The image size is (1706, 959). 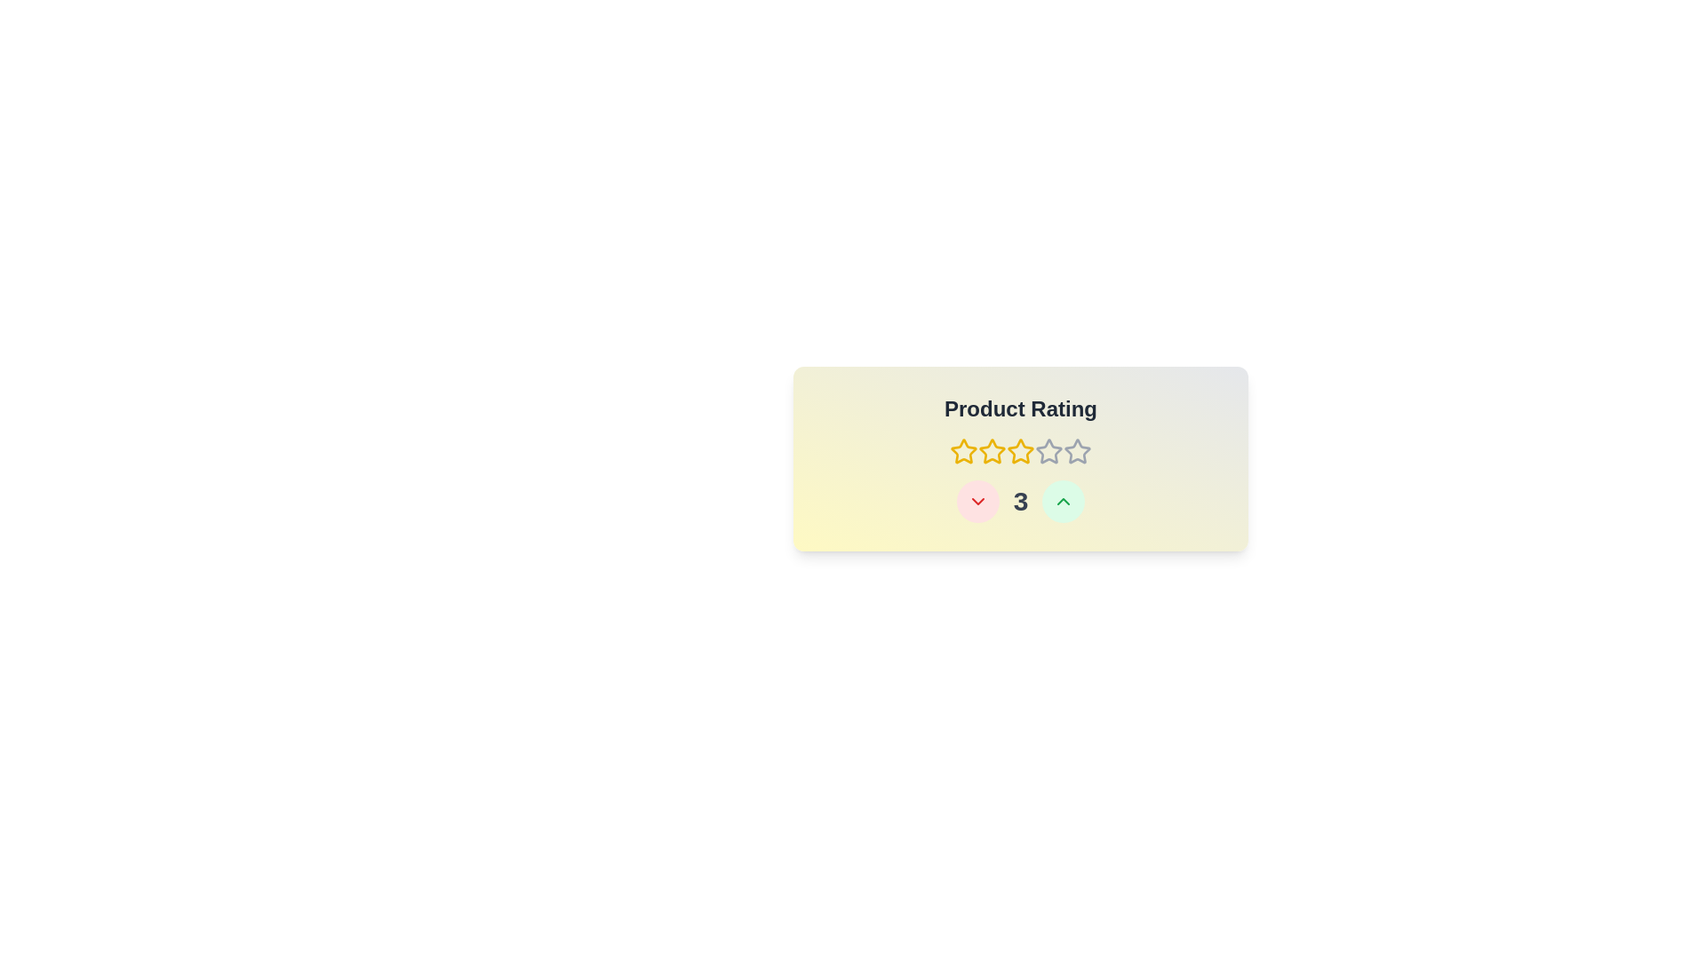 What do you see at coordinates (977, 501) in the screenshot?
I see `the downward-pointing chevron icon within the button located to the left of the numeric display labeled '3' in the compact rating interface` at bounding box center [977, 501].